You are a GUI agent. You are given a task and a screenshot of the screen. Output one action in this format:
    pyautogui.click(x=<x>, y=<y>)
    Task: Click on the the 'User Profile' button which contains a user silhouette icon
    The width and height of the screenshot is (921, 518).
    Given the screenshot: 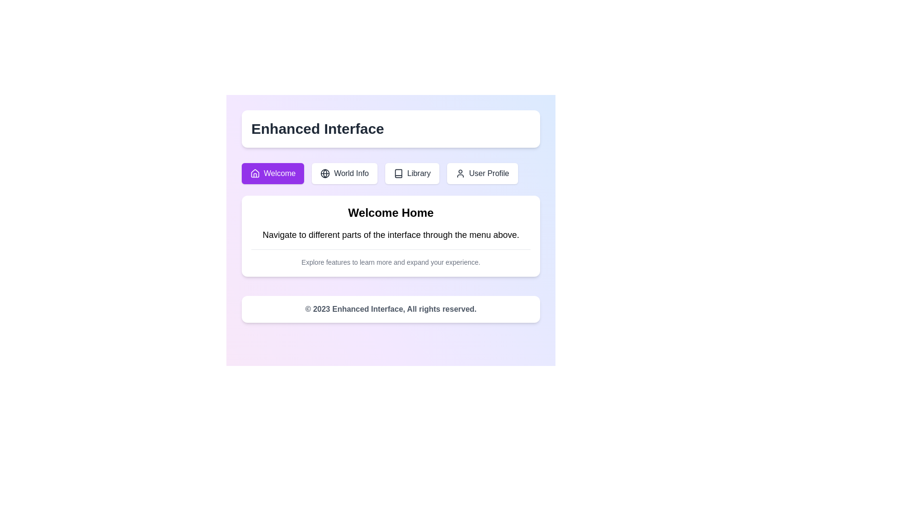 What is the action you would take?
    pyautogui.click(x=460, y=173)
    